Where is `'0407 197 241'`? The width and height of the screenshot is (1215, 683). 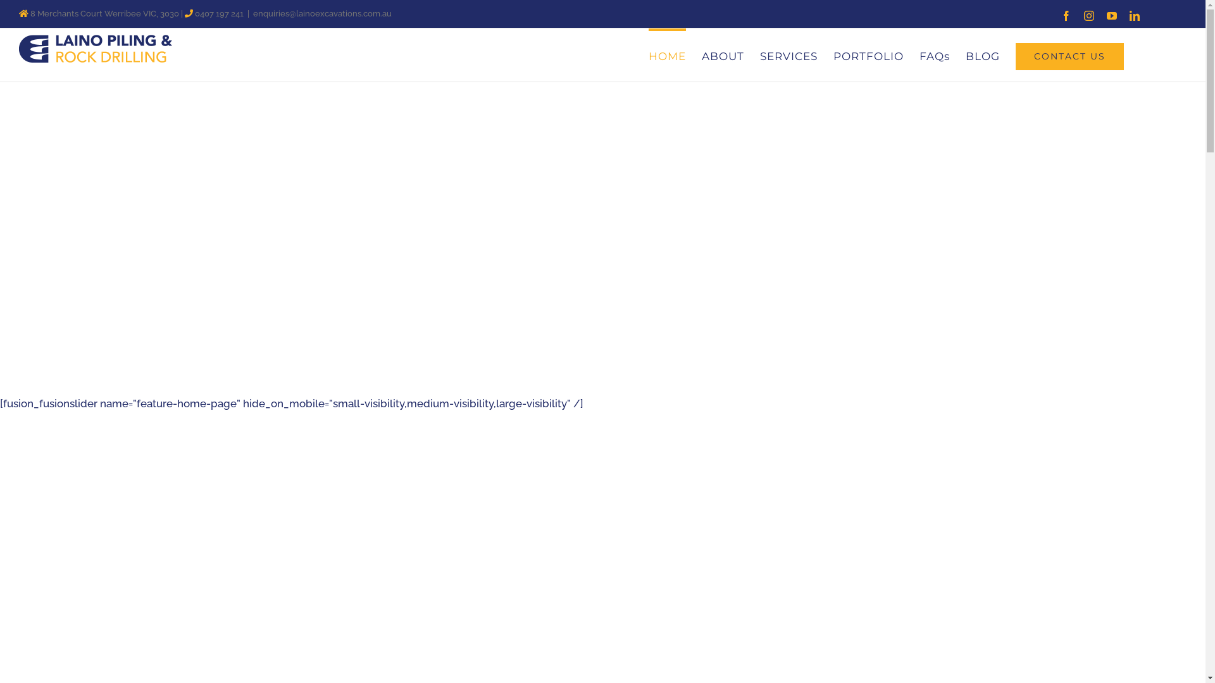
'0407 197 241' is located at coordinates (194, 13).